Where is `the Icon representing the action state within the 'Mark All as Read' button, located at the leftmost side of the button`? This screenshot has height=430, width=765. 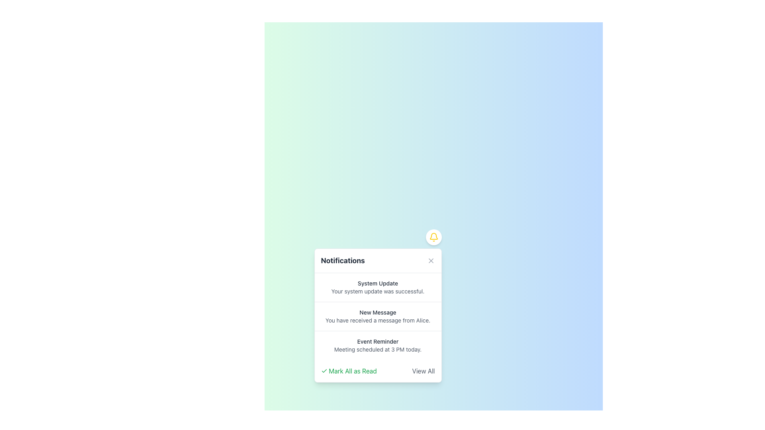
the Icon representing the action state within the 'Mark All as Read' button, located at the leftmost side of the button is located at coordinates (324, 371).